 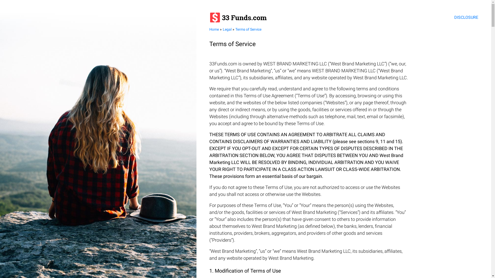 What do you see at coordinates (214, 29) in the screenshot?
I see `'Home'` at bounding box center [214, 29].